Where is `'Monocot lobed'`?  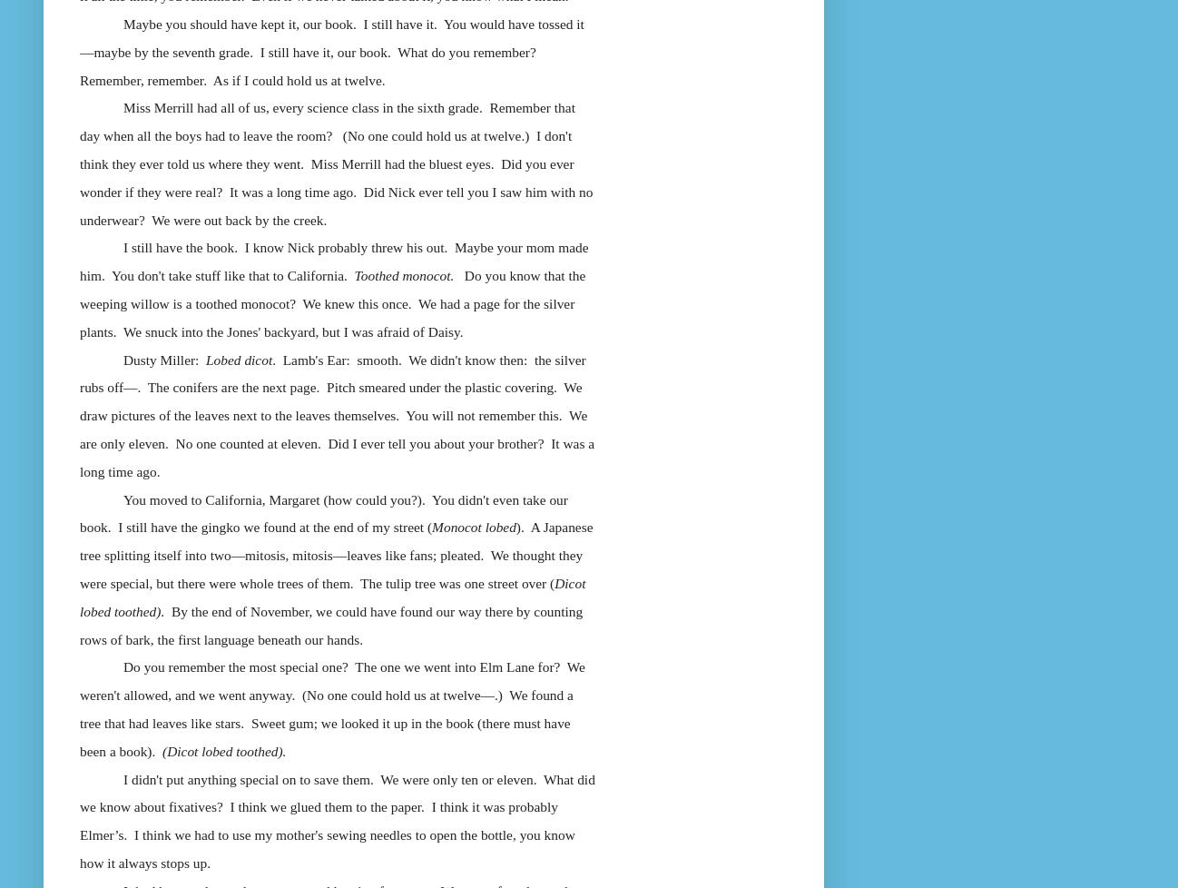 'Monocot lobed' is located at coordinates (431, 527).